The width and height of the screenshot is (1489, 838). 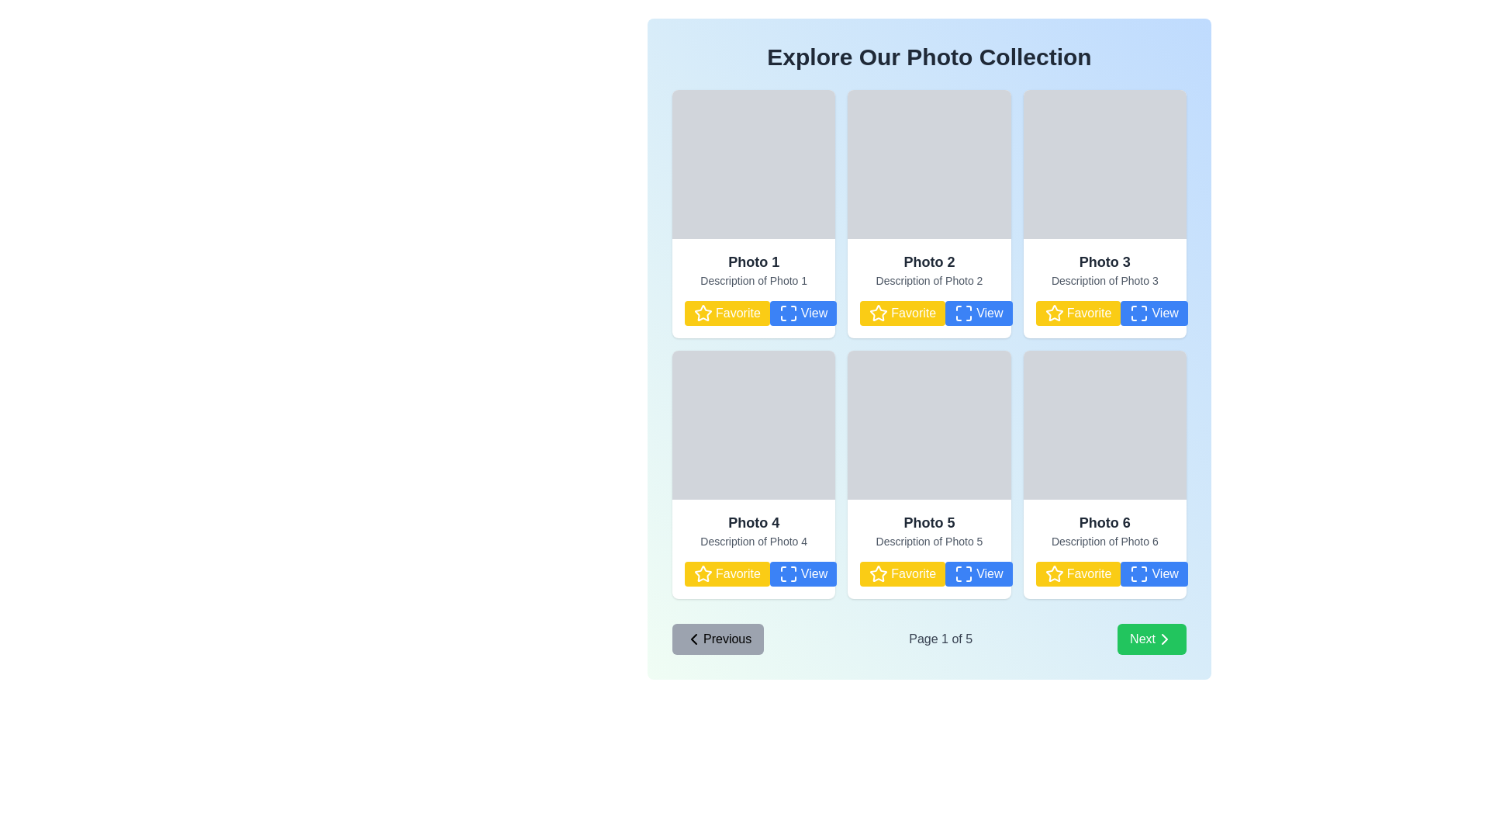 What do you see at coordinates (929, 541) in the screenshot?
I see `the static text label providing details about 'Photo 5', which is located directly below the title 'Photo 5' in the bottom row, middle column of the photo collection grid` at bounding box center [929, 541].